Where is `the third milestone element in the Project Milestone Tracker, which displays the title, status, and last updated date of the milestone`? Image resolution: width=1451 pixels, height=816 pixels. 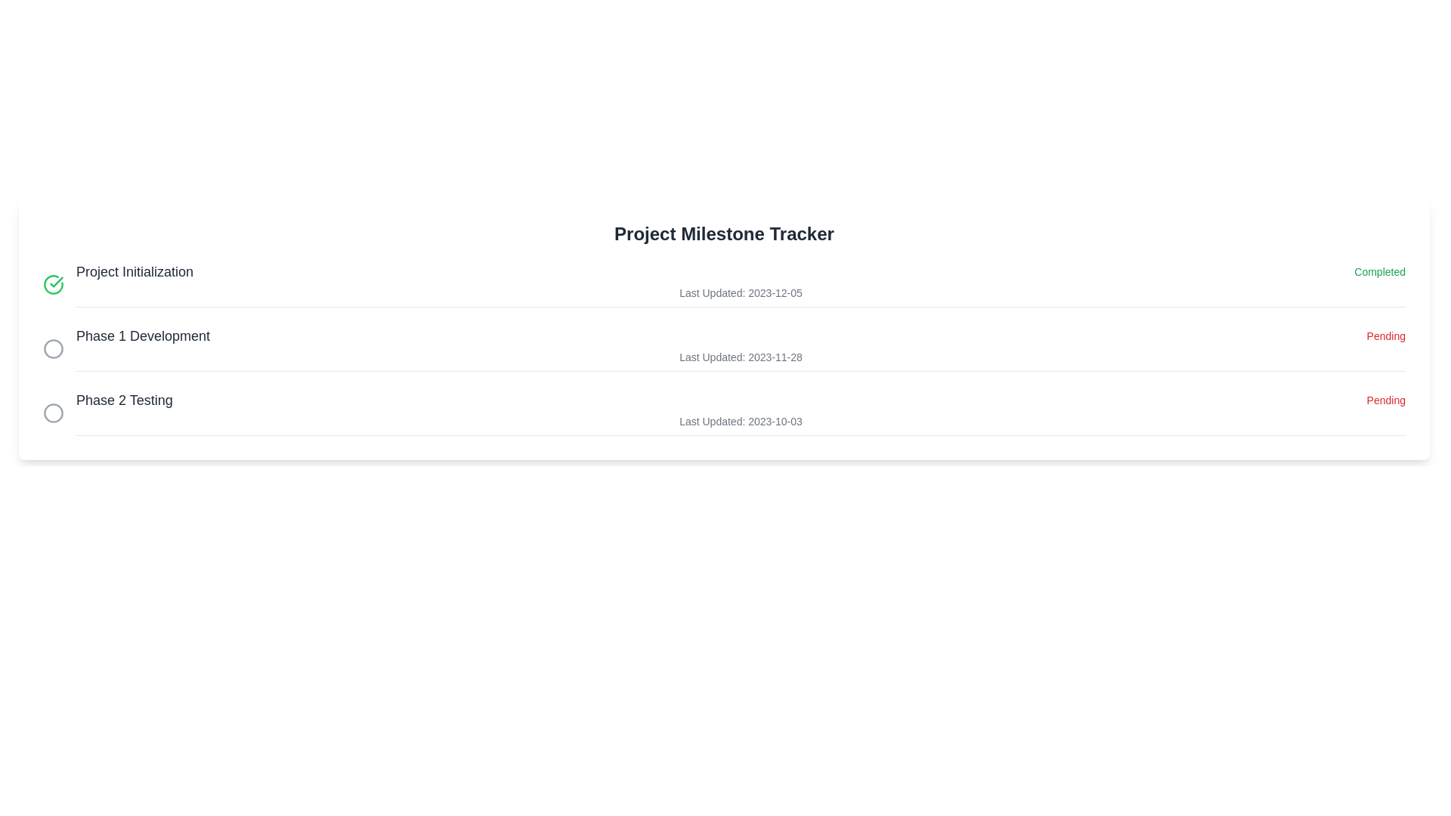
the third milestone element in the Project Milestone Tracker, which displays the title, status, and last updated date of the milestone is located at coordinates (741, 413).